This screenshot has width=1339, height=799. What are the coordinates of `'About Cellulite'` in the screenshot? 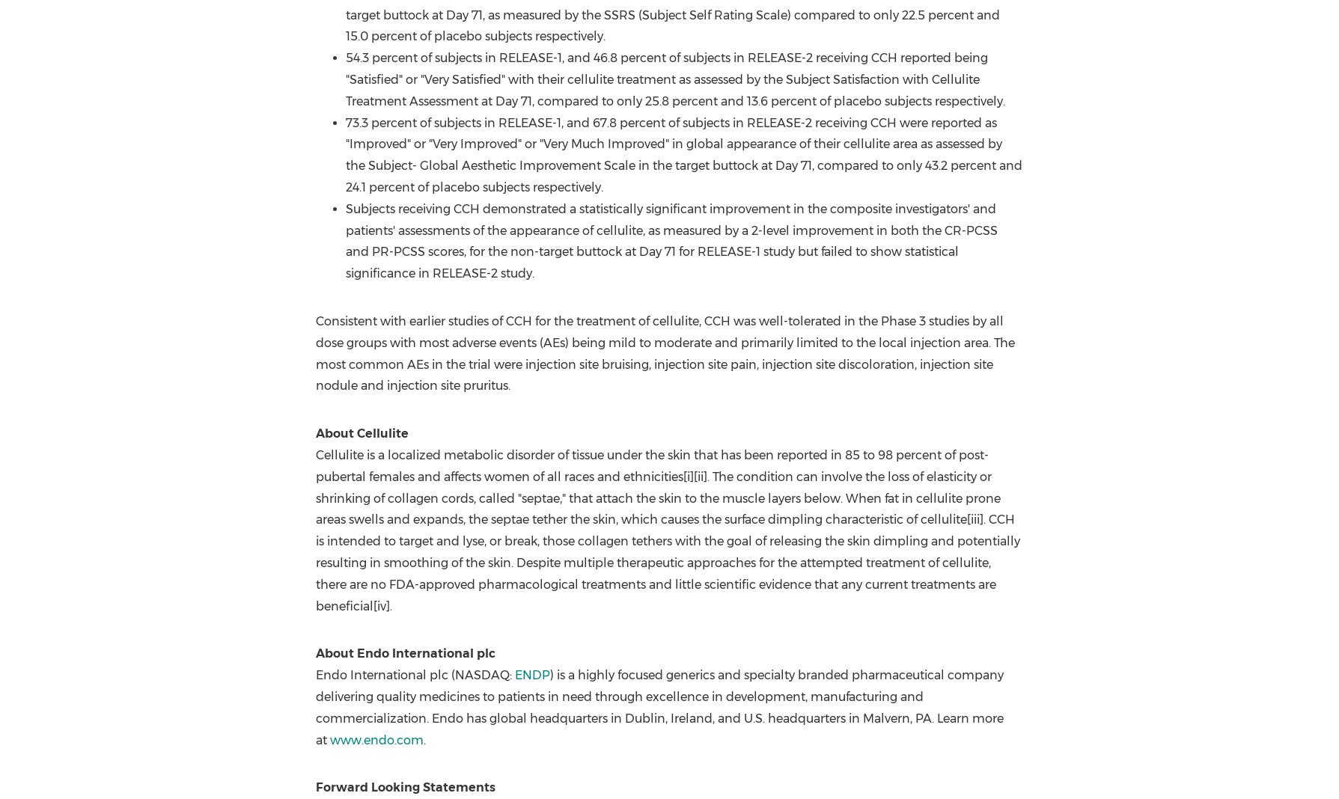 It's located at (363, 432).